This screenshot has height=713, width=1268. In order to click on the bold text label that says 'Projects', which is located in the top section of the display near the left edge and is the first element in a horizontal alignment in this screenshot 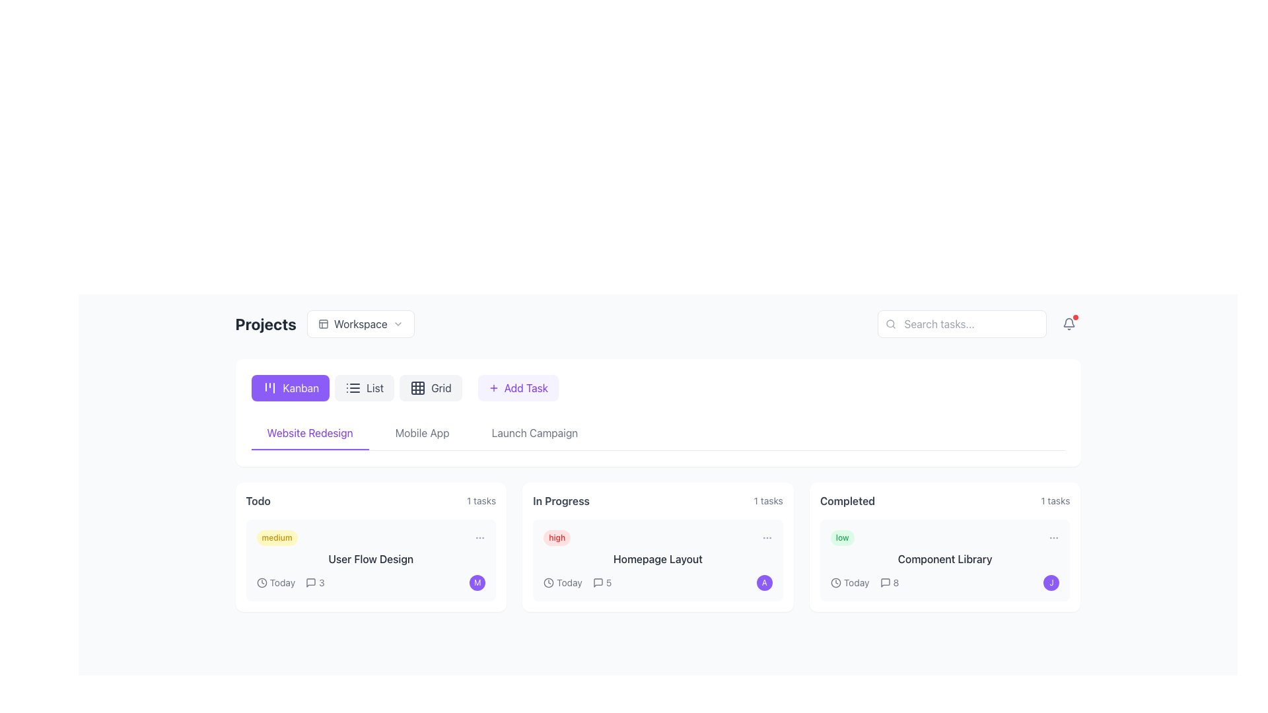, I will do `click(265, 323)`.